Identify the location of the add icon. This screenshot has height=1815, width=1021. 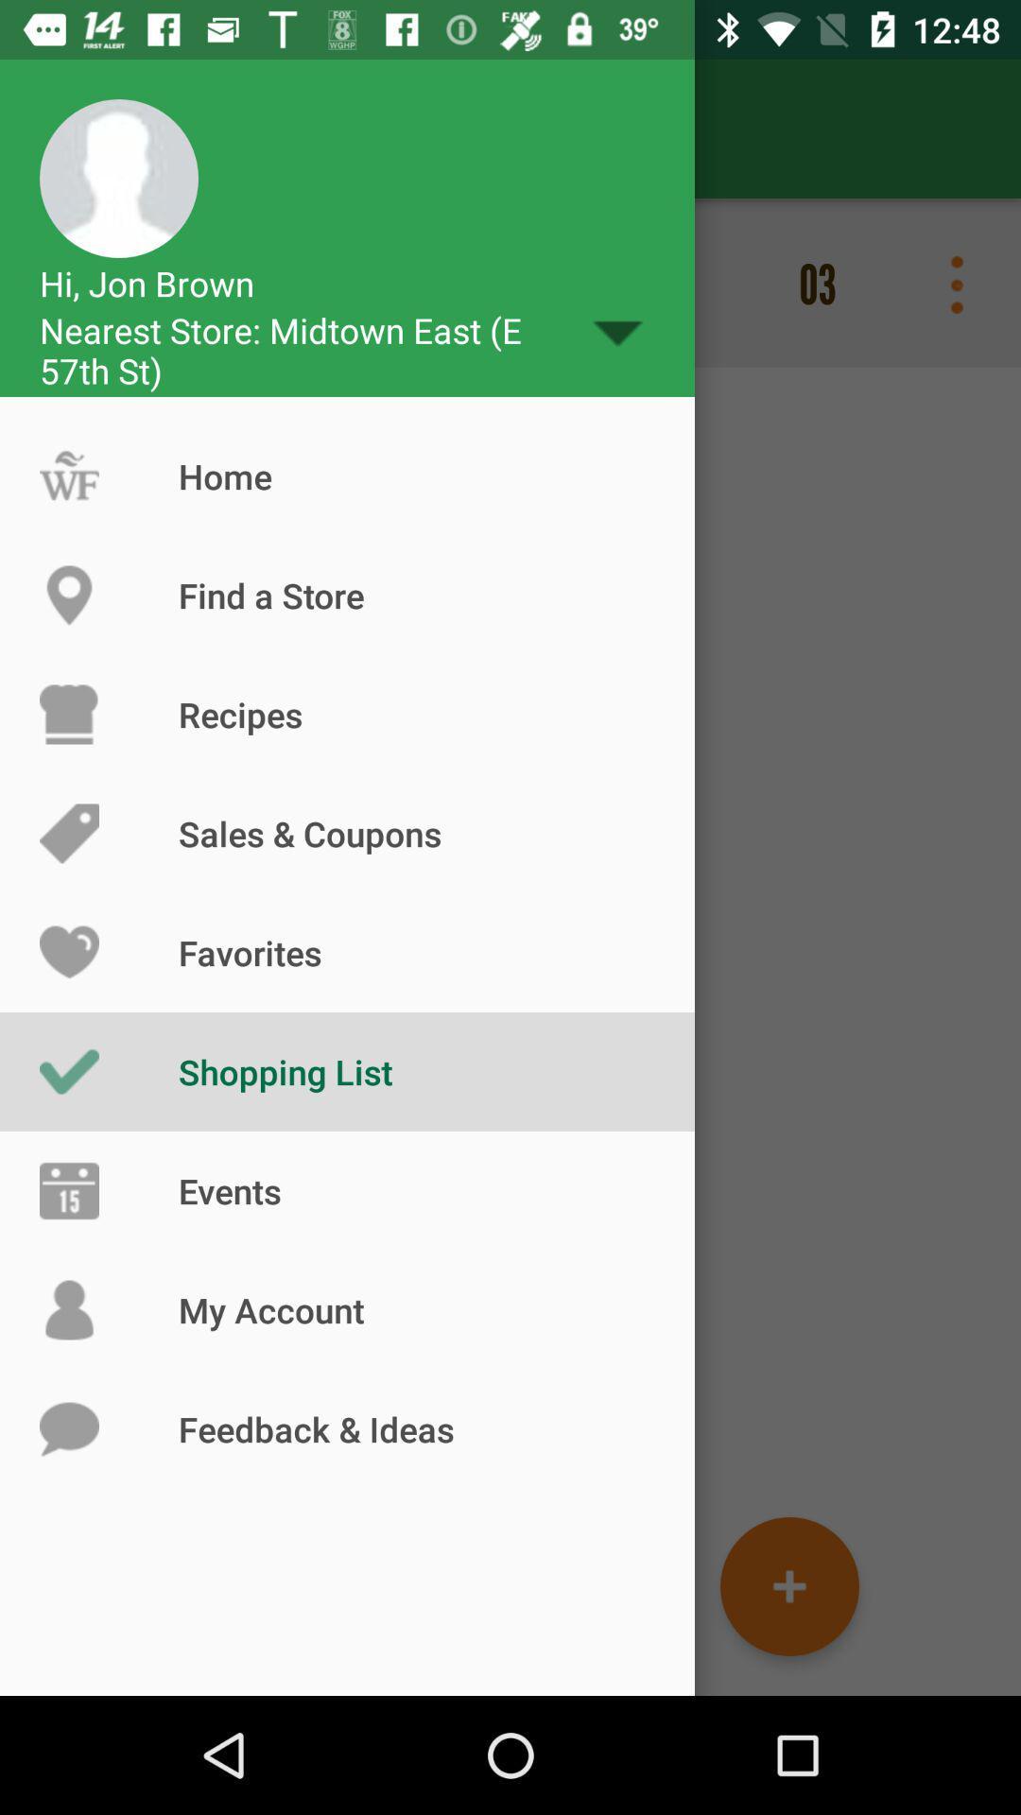
(789, 1586).